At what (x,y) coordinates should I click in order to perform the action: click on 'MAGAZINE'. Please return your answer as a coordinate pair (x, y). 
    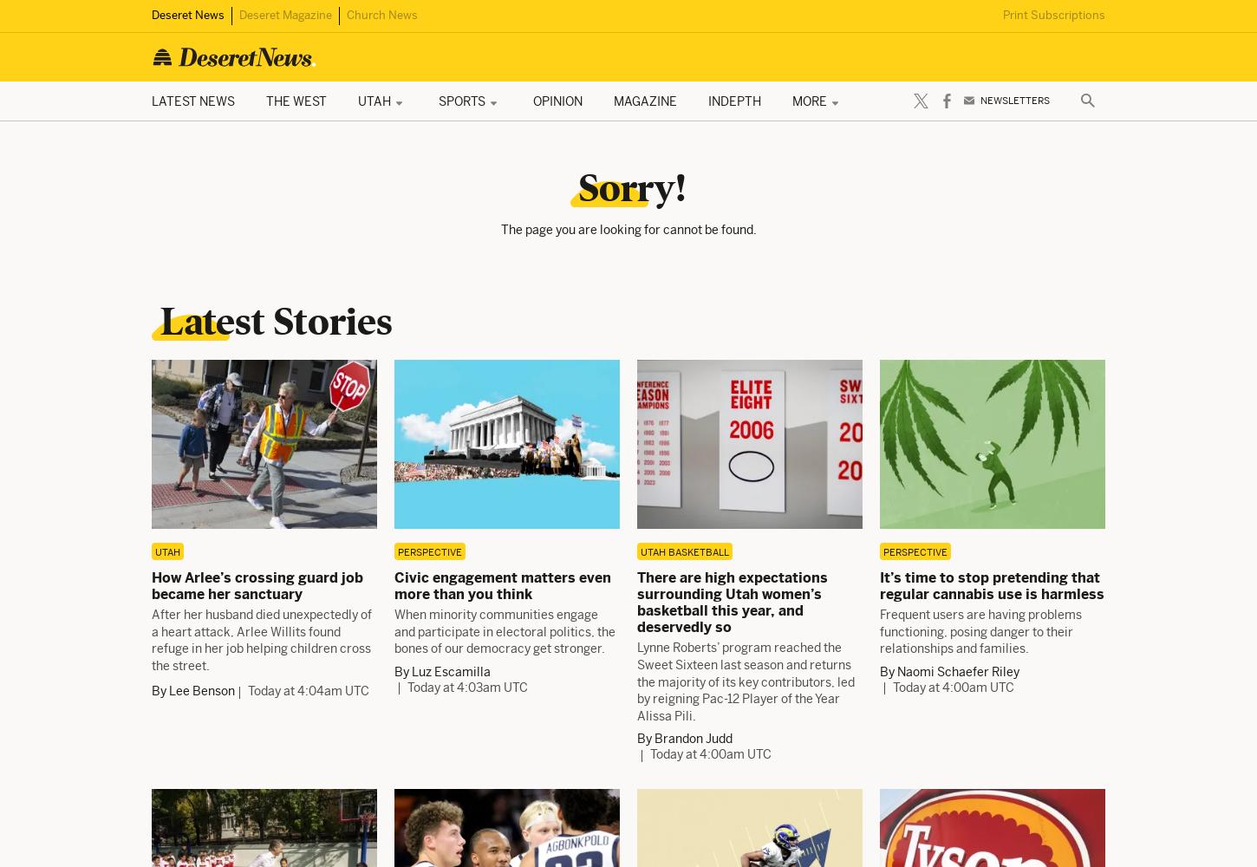
    Looking at the image, I should click on (613, 100).